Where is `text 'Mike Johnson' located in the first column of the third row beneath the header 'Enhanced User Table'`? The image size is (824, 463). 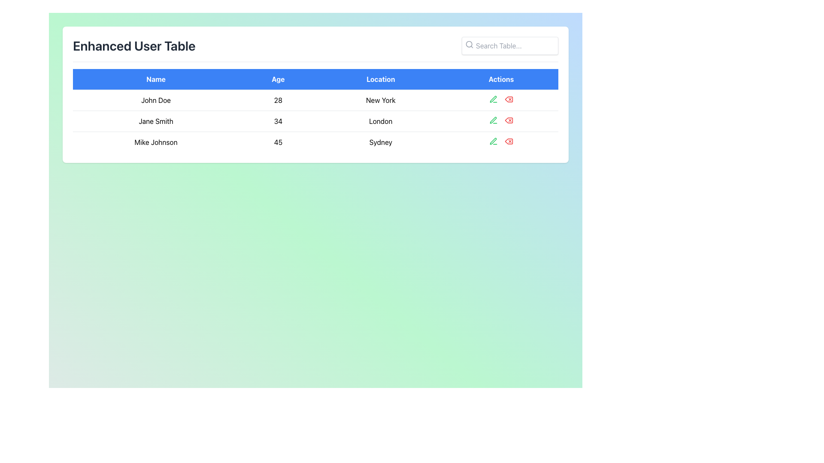
text 'Mike Johnson' located in the first column of the third row beneath the header 'Enhanced User Table' is located at coordinates (156, 141).